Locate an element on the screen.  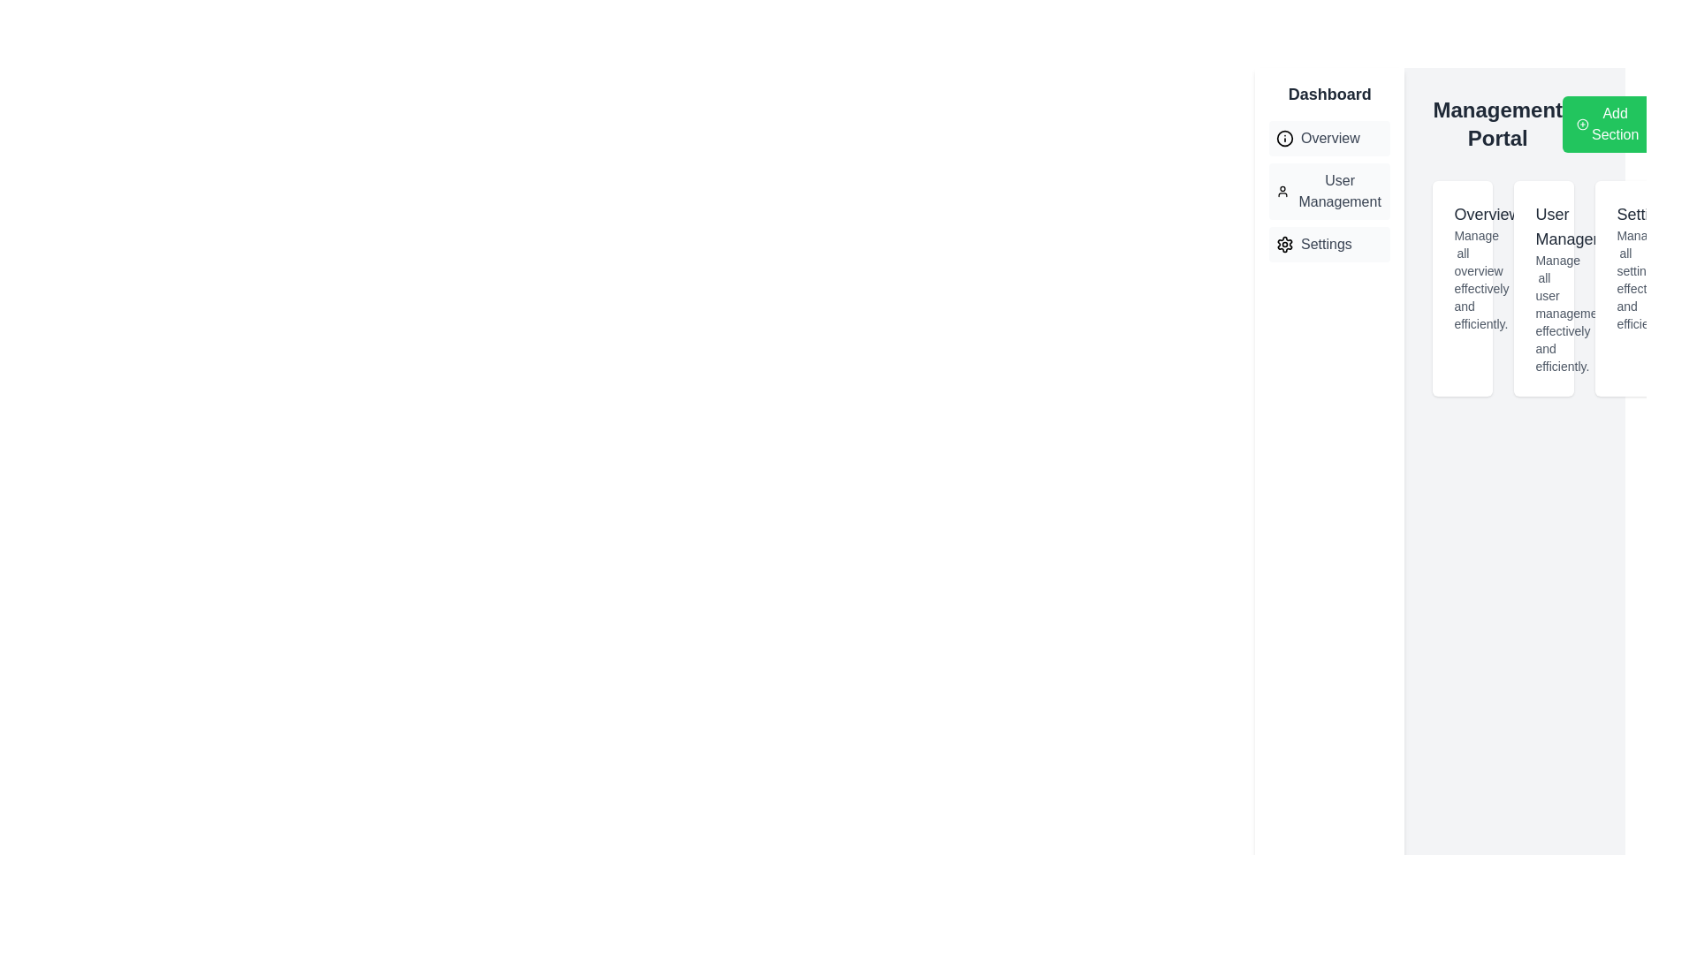
the informational card containing the text 'User Management' which is located in the middle column of the layout, between the 'Overview' and 'Settings' cards is located at coordinates (1543, 288).